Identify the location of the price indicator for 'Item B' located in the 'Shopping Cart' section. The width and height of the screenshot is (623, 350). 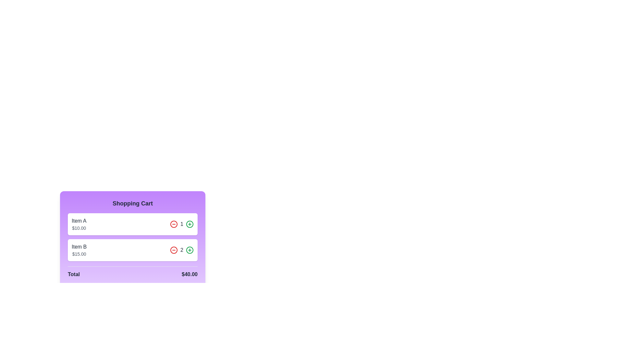
(79, 253).